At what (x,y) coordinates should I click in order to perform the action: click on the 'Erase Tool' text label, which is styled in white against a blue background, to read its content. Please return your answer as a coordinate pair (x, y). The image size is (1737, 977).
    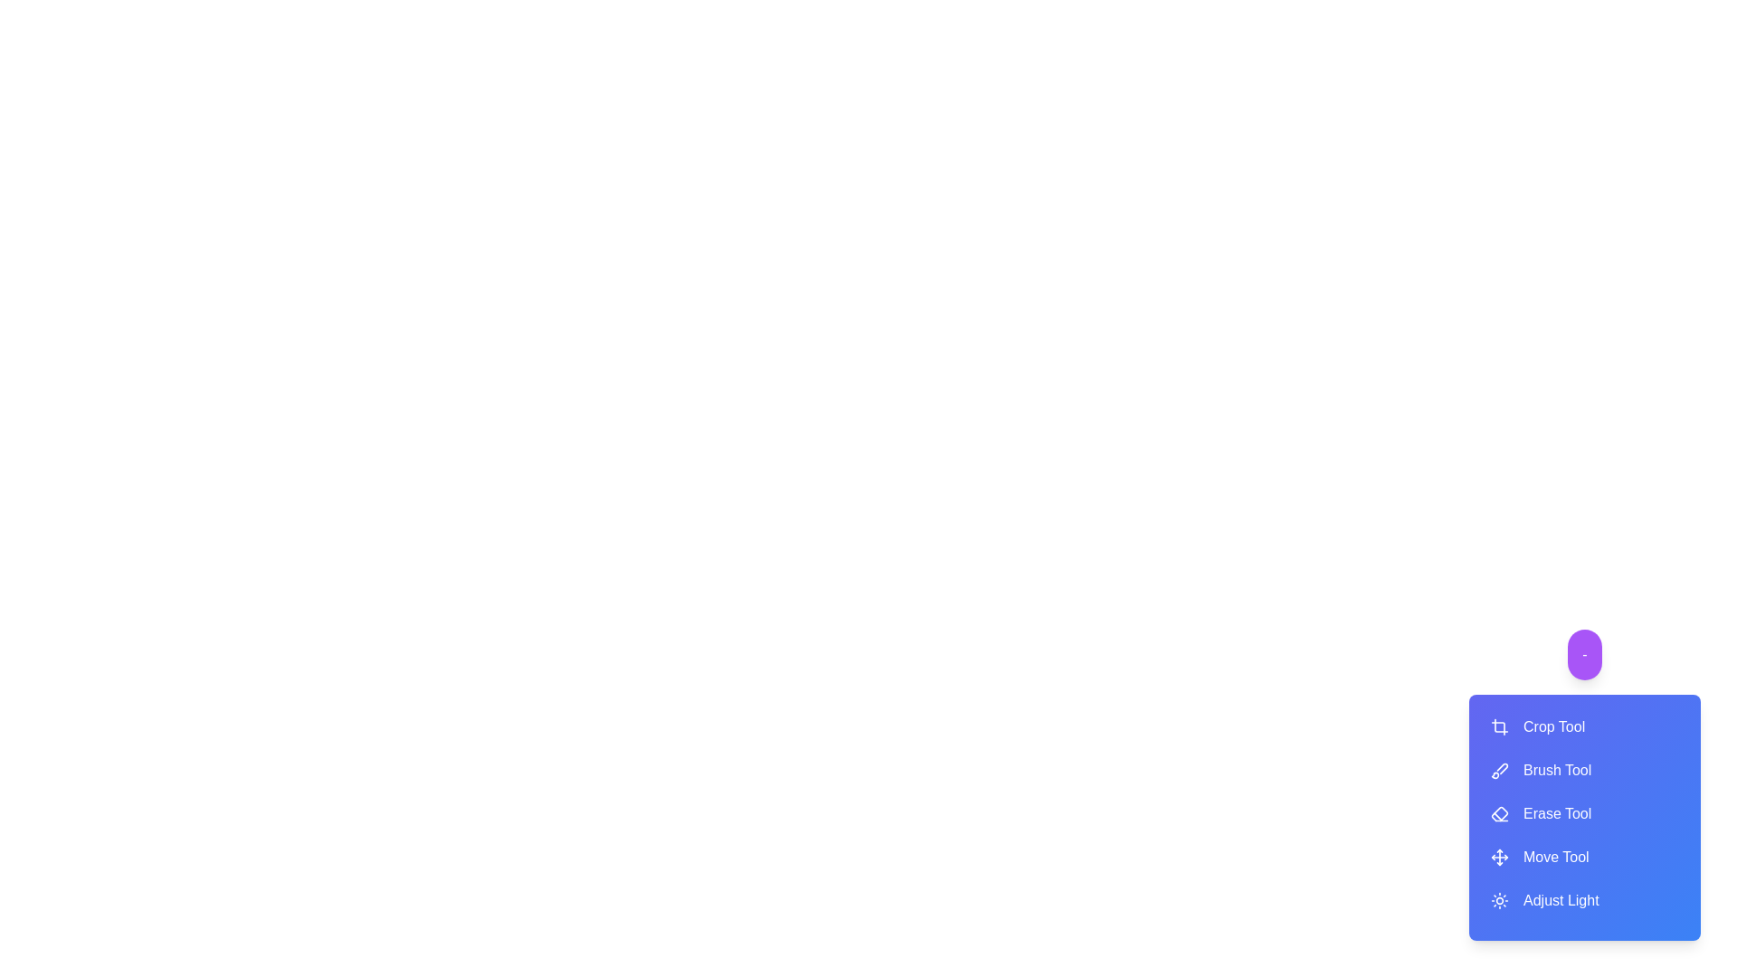
    Looking at the image, I should click on (1556, 812).